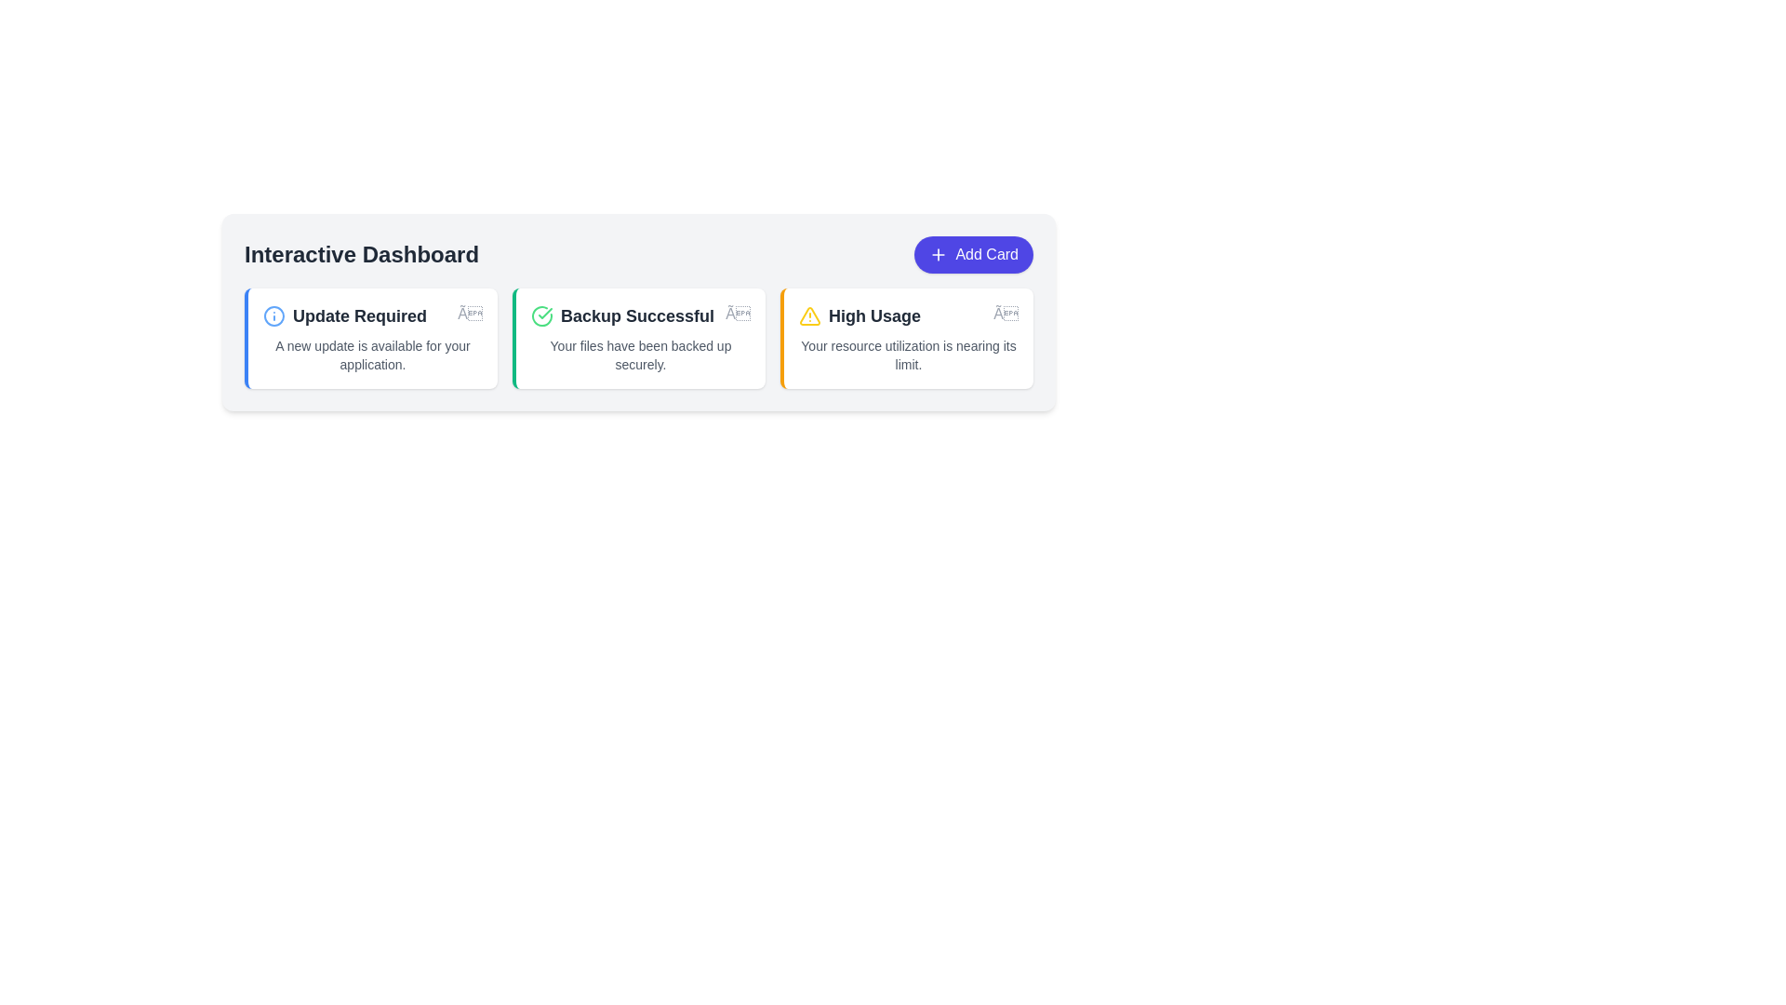 This screenshot has height=1005, width=1786. Describe the element at coordinates (873, 315) in the screenshot. I see `the bold, dark gray text element reading 'High Usage', which is positioned beside a yellow warning triangle icon in the third card of notification cards` at that location.